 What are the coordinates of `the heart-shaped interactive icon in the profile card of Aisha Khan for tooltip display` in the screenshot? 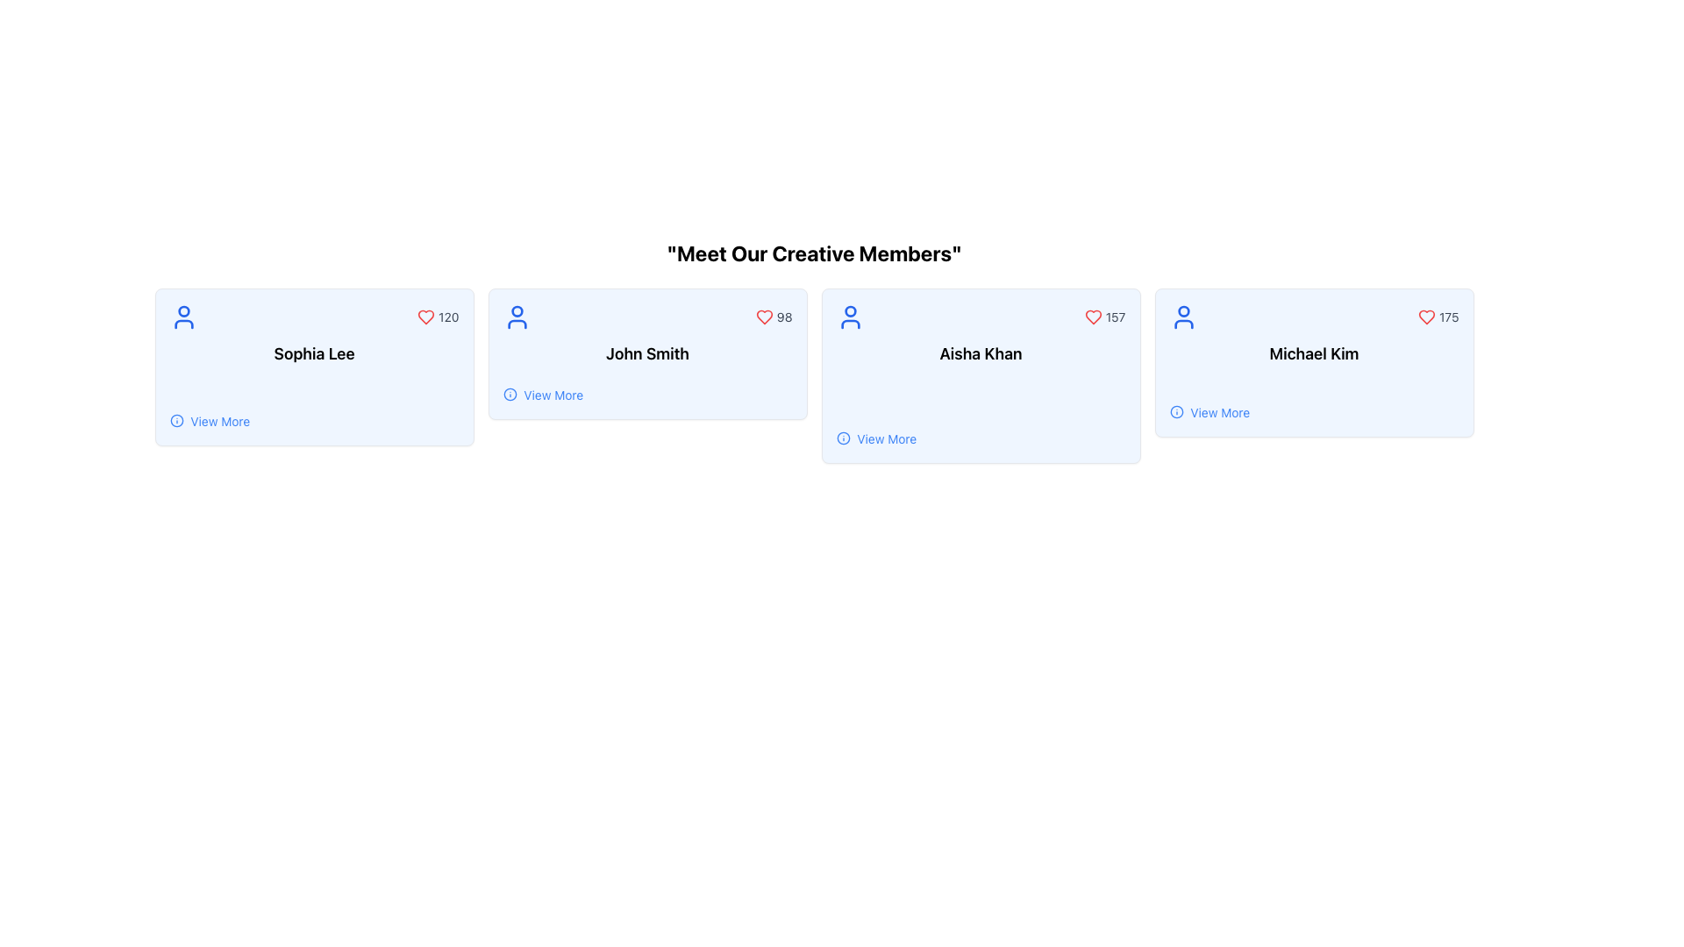 It's located at (1092, 317).